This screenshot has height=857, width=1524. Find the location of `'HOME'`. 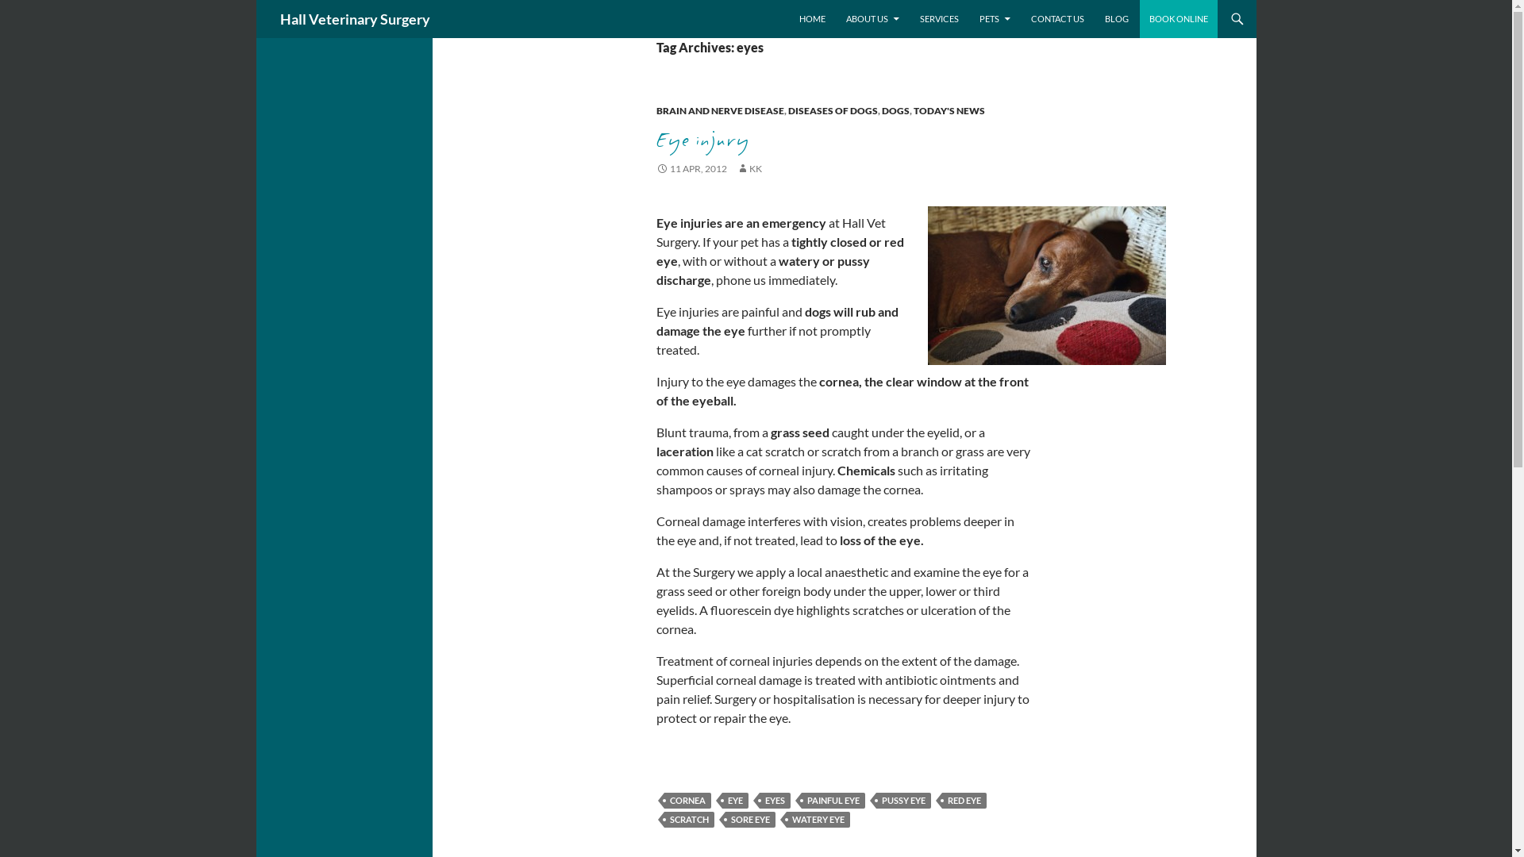

'HOME' is located at coordinates (811, 18).